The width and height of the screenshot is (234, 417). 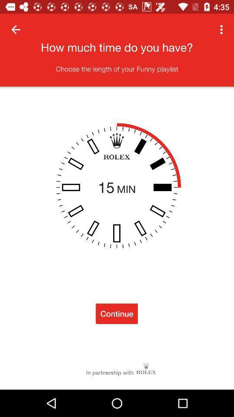 What do you see at coordinates (117, 313) in the screenshot?
I see `the continue` at bounding box center [117, 313].